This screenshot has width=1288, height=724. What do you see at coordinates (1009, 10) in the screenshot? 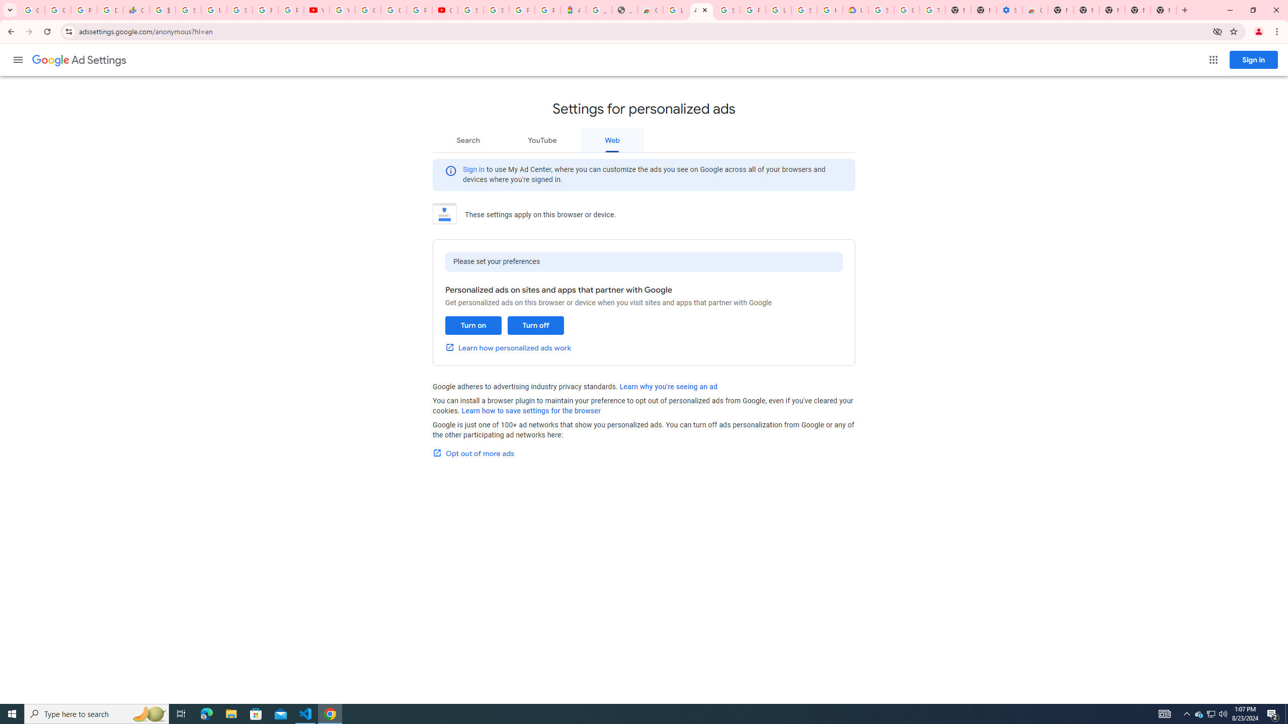
I see `'Settings - Accessibility'` at bounding box center [1009, 10].